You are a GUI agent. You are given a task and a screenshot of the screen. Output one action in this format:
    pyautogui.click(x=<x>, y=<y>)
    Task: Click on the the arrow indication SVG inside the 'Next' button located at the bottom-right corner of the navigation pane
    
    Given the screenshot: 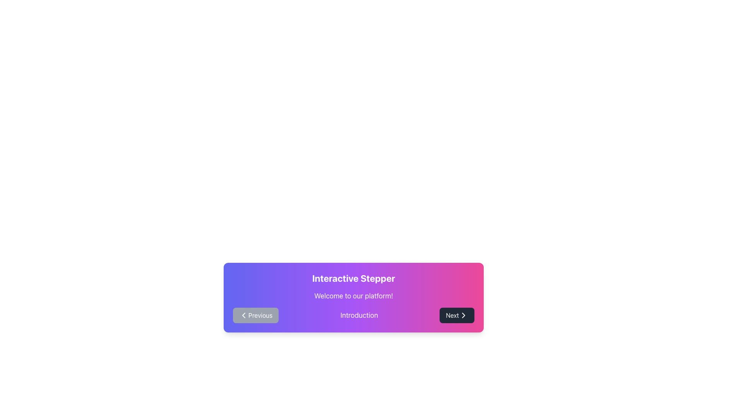 What is the action you would take?
    pyautogui.click(x=463, y=315)
    